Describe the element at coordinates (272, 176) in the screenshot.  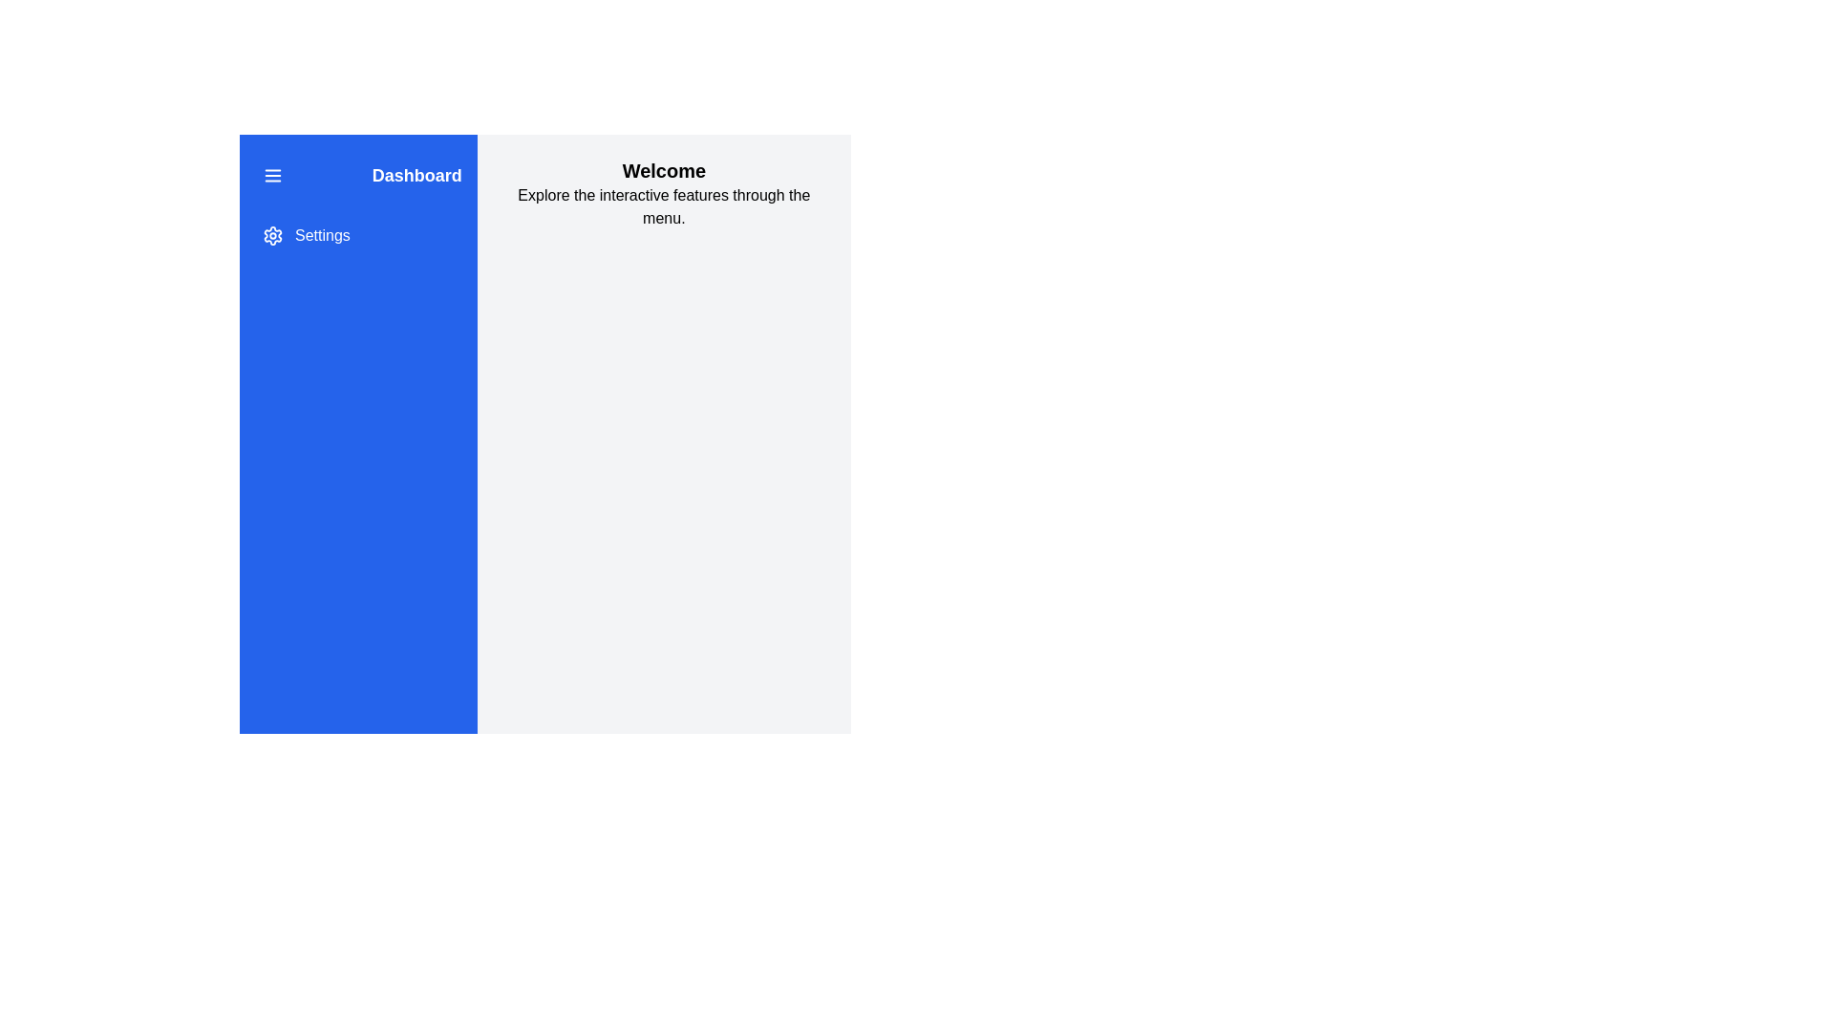
I see `the hamburger menu icon, which consists of three horizontal white lines on a blue background` at that location.